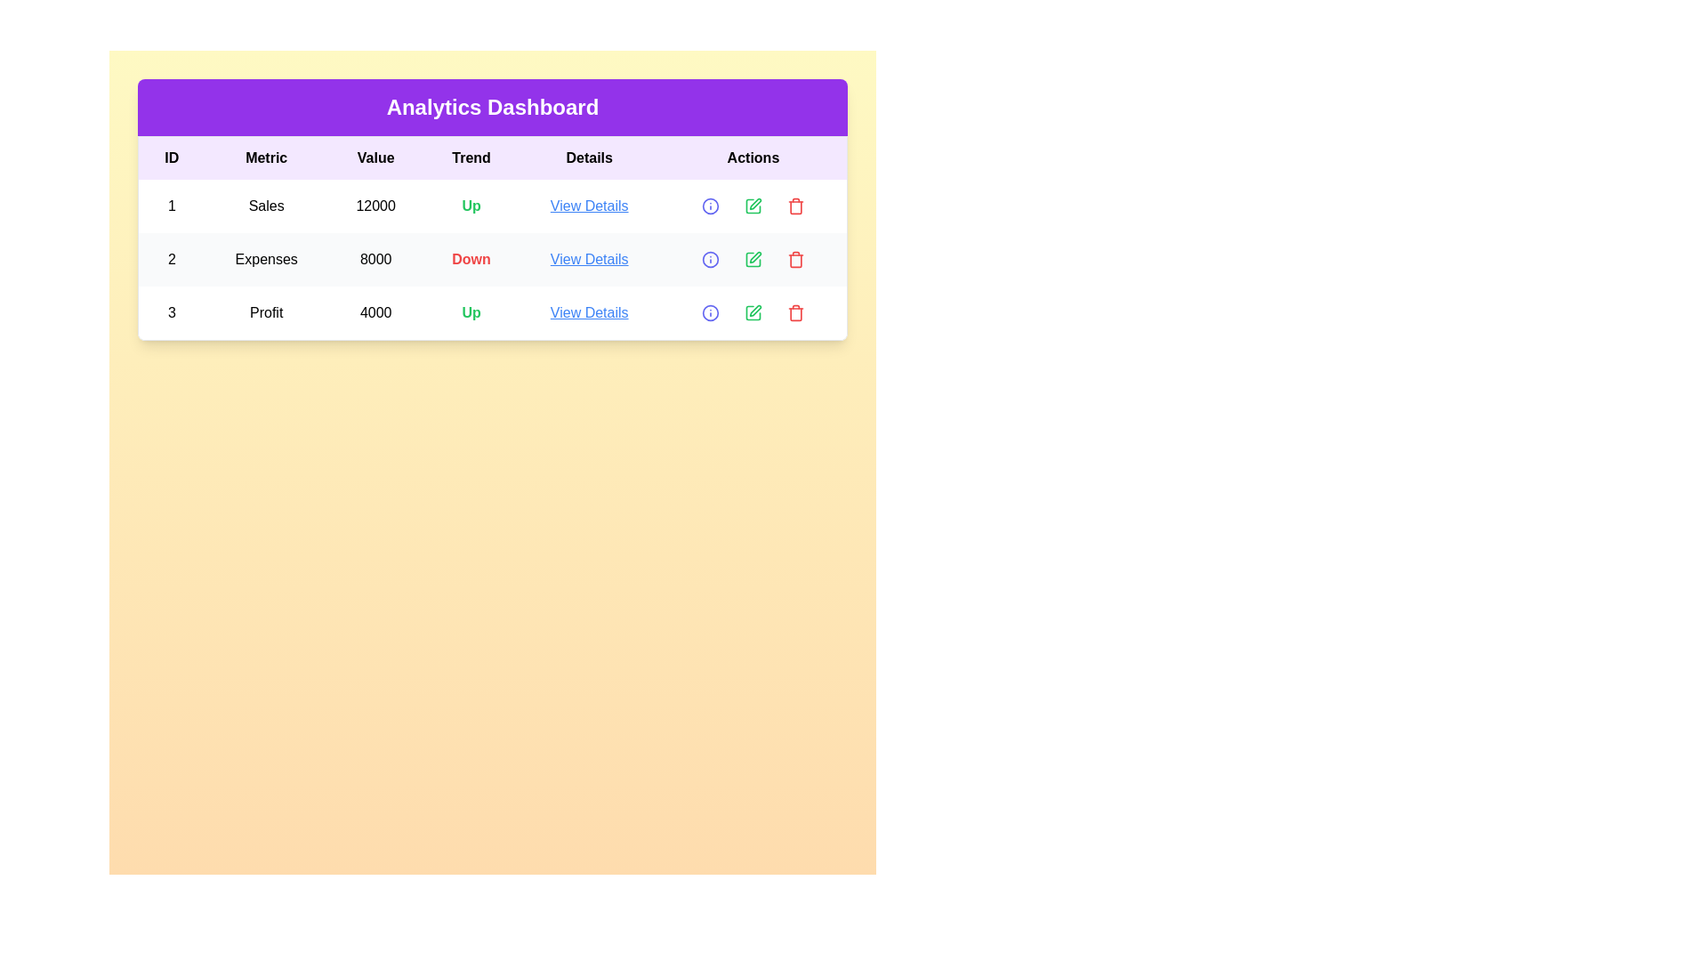  I want to click on the edit button in the 'Actions' column of the third row for the 'Profit' metric, so click(753, 311).